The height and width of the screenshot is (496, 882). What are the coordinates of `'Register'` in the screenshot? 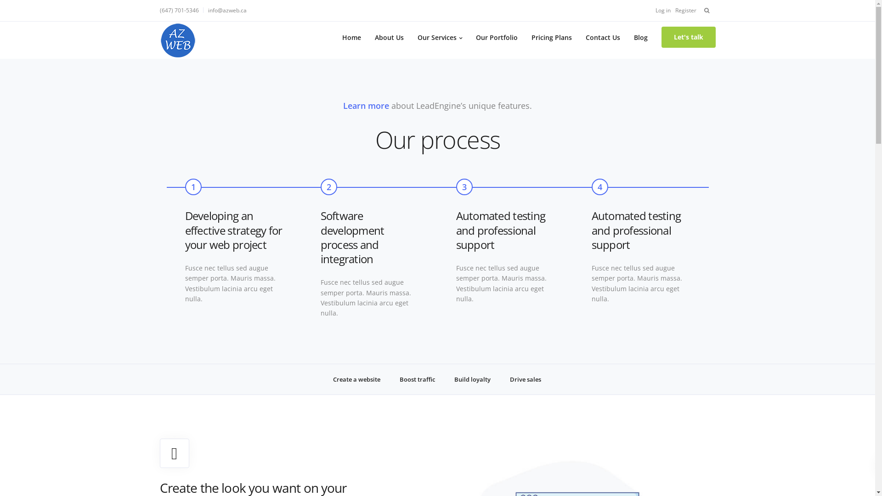 It's located at (685, 10).